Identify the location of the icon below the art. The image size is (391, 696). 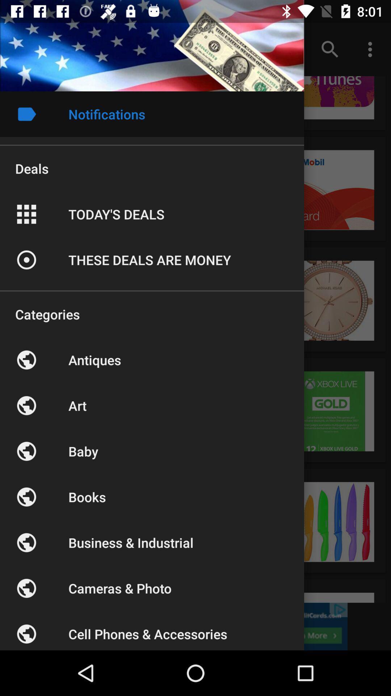
(26, 451).